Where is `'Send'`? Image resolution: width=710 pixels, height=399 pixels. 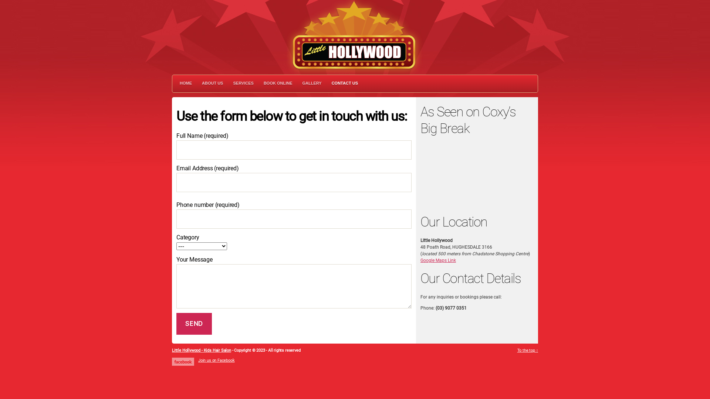
'Send' is located at coordinates (194, 323).